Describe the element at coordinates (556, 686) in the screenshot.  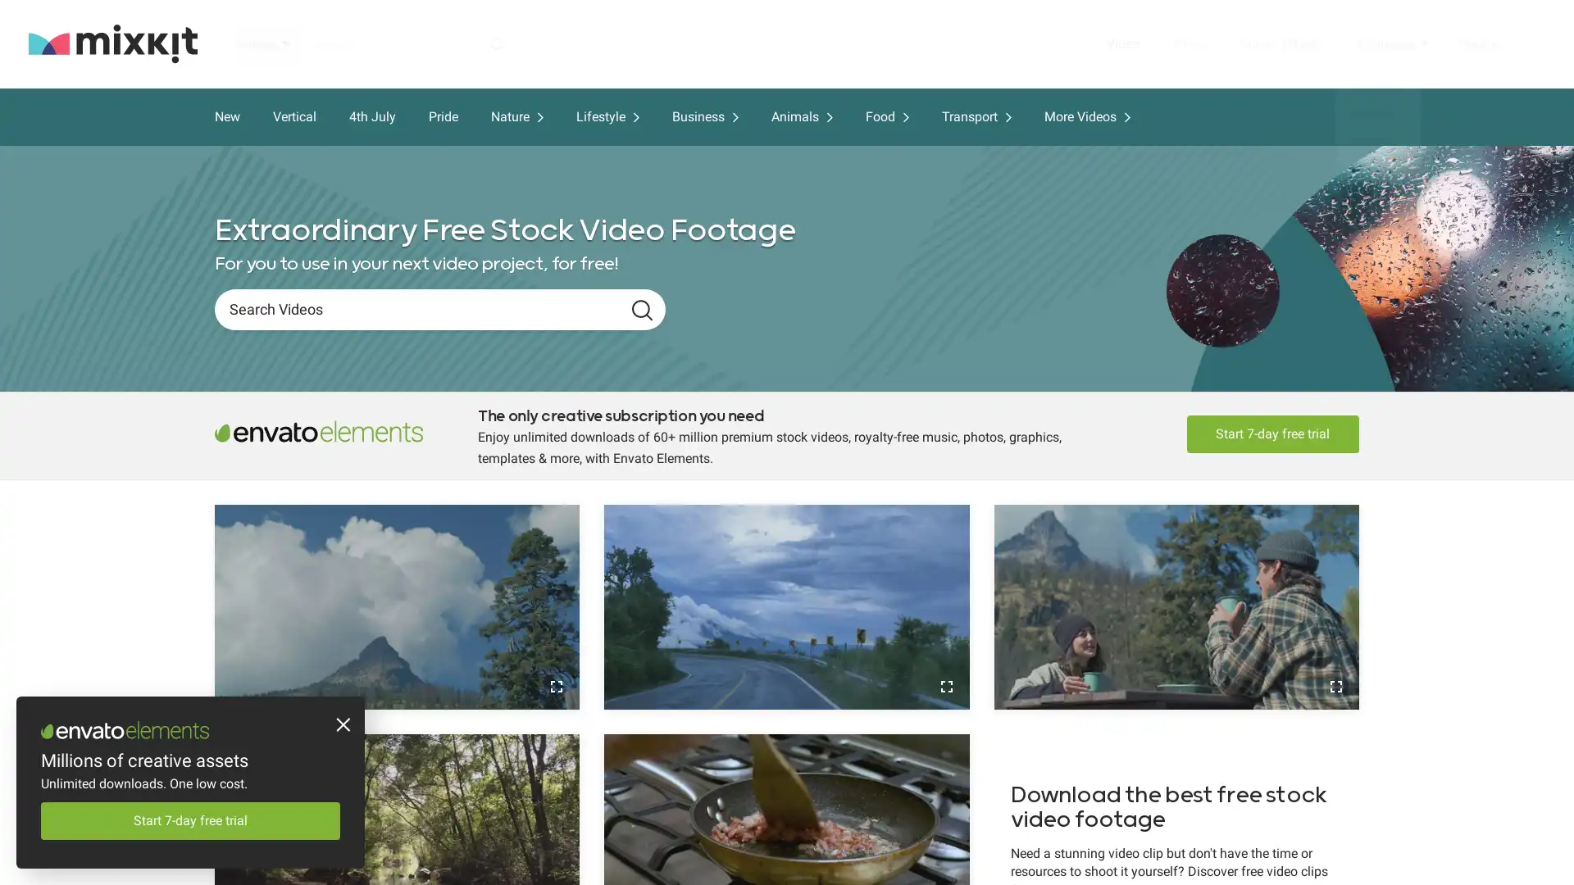
I see `View Fullscreen` at that location.